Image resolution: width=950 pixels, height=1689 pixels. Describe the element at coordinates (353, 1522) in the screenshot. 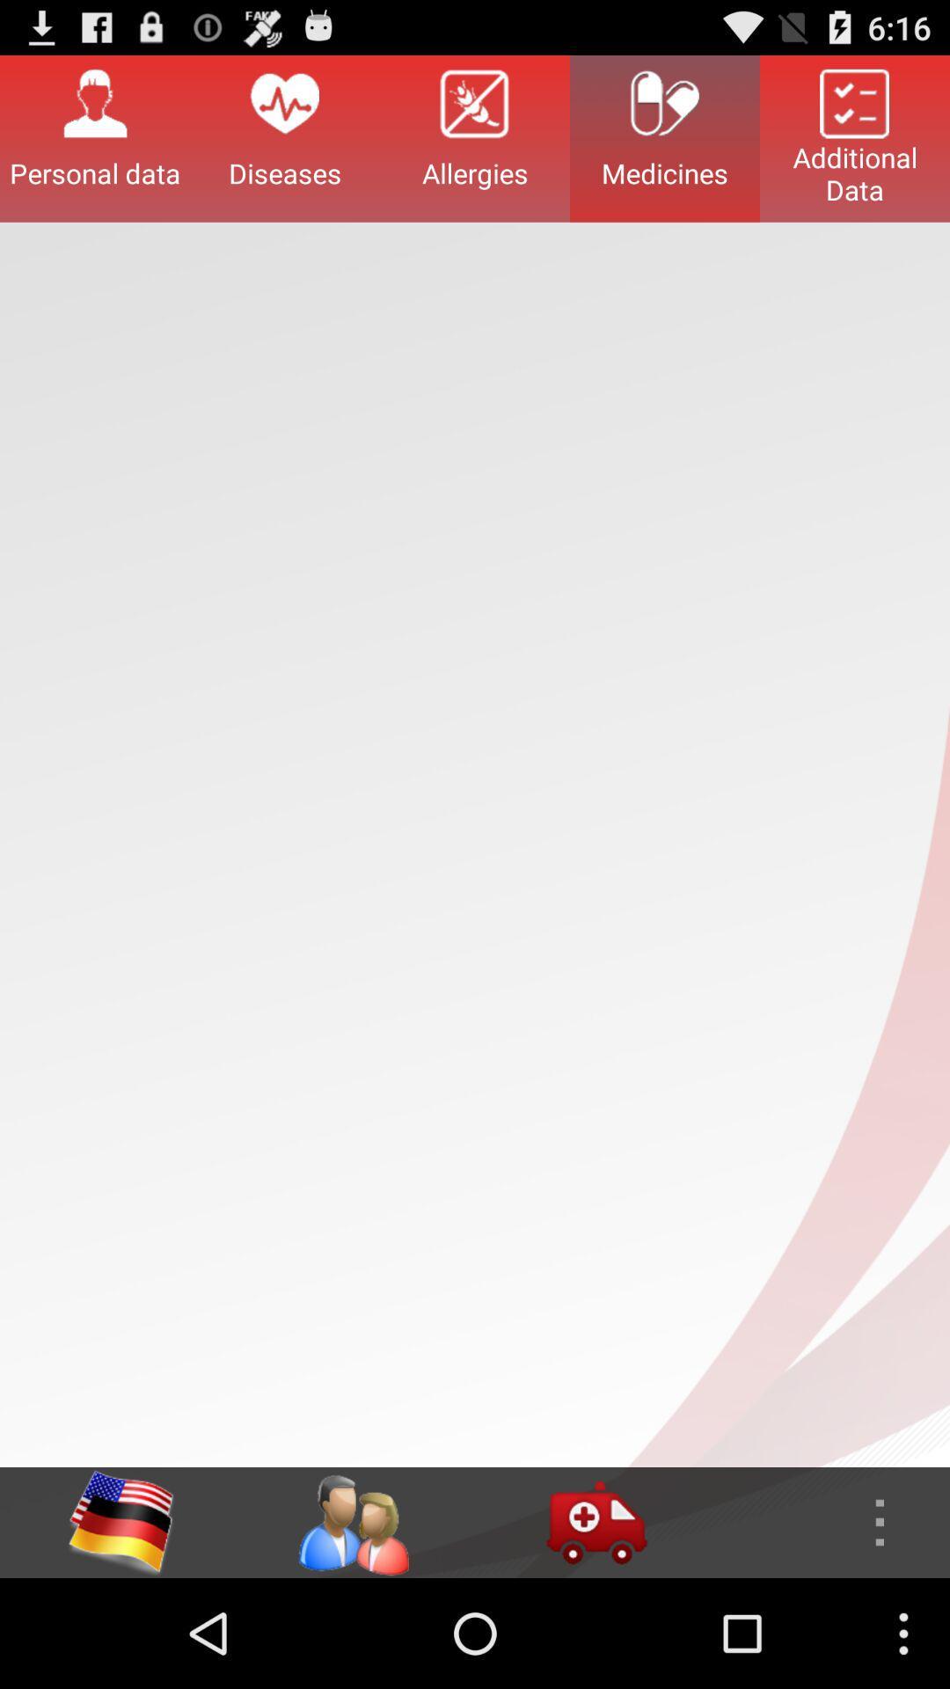

I see `the item below the diseases` at that location.